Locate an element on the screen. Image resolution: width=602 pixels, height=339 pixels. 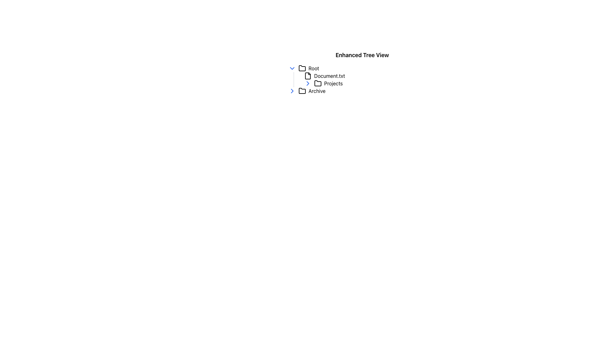
the rightward-pointing blue arrow icon is located at coordinates (308, 83).